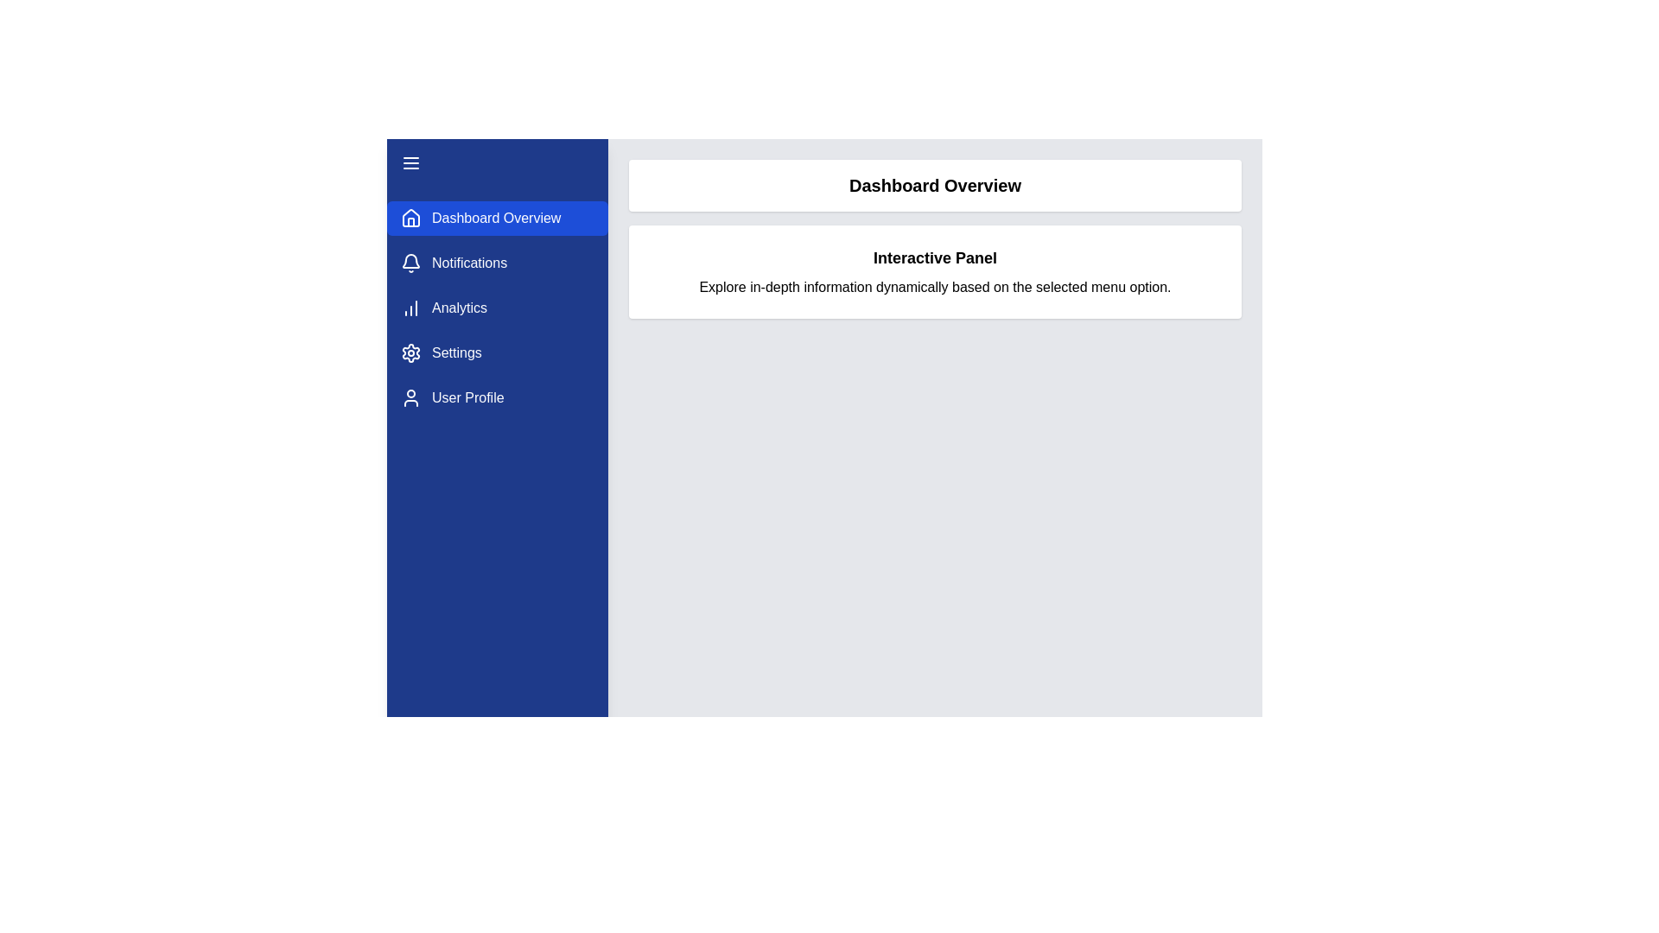  Describe the element at coordinates (460, 308) in the screenshot. I see `the 'Analytics' text label in the navigation menu, which is located to the right of the chart icon and is the third item in the menu list` at that location.